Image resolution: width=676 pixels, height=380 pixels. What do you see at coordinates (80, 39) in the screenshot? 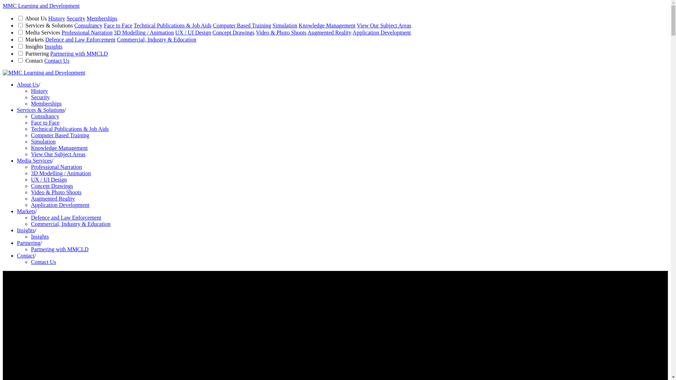
I see `'Defence and Law Enforcement'` at bounding box center [80, 39].